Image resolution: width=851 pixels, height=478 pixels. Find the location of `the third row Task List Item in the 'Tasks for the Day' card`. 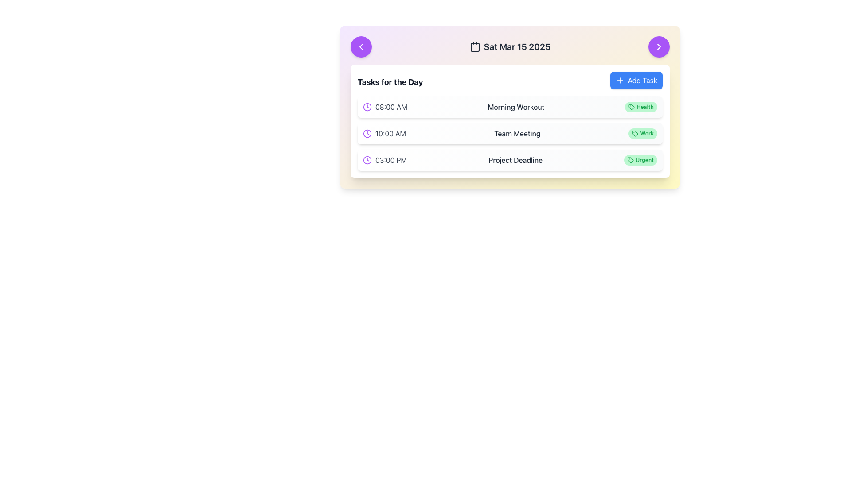

the third row Task List Item in the 'Tasks for the Day' card is located at coordinates (510, 160).